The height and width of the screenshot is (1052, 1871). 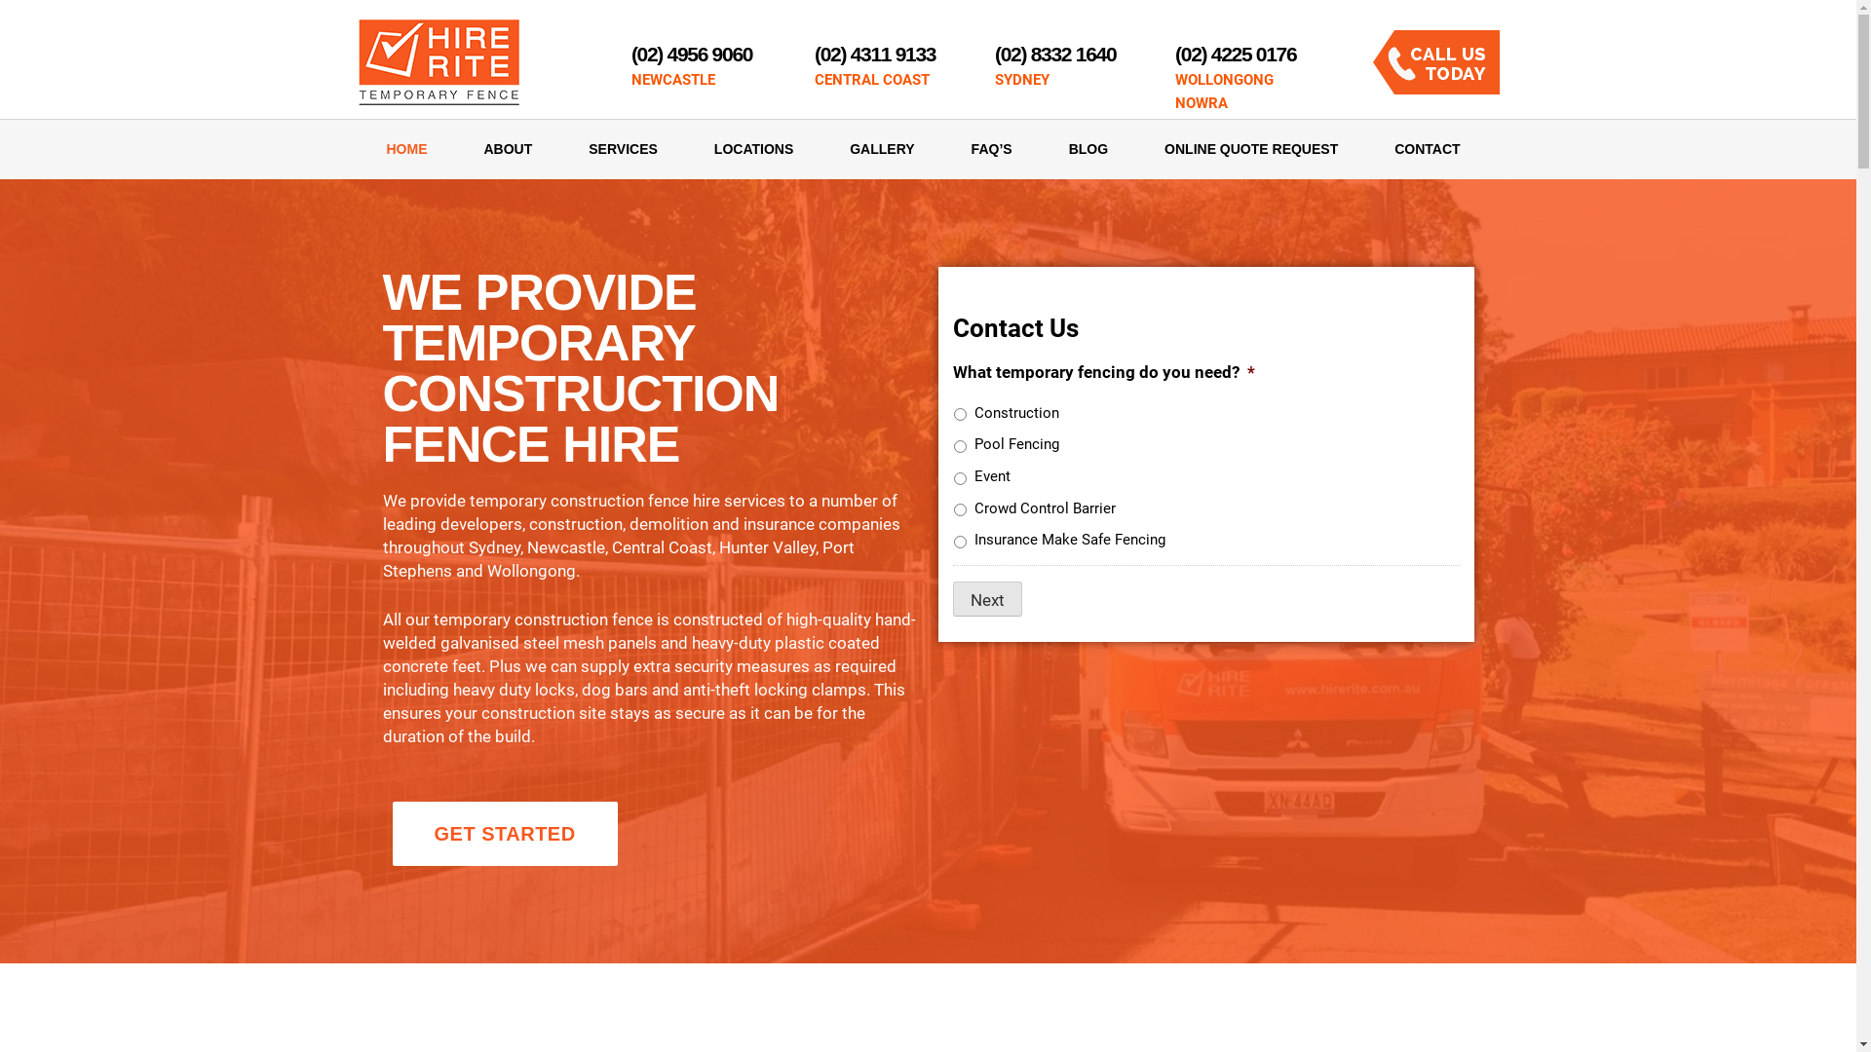 What do you see at coordinates (405, 148) in the screenshot?
I see `'HOME'` at bounding box center [405, 148].